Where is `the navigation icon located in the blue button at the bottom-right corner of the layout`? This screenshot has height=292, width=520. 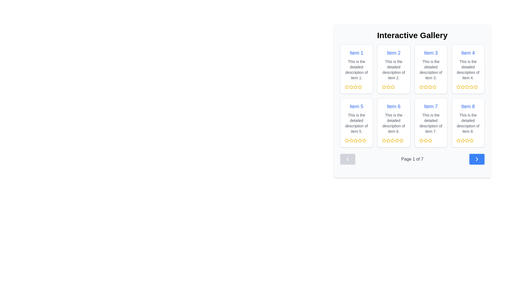 the navigation icon located in the blue button at the bottom-right corner of the layout is located at coordinates (477, 159).